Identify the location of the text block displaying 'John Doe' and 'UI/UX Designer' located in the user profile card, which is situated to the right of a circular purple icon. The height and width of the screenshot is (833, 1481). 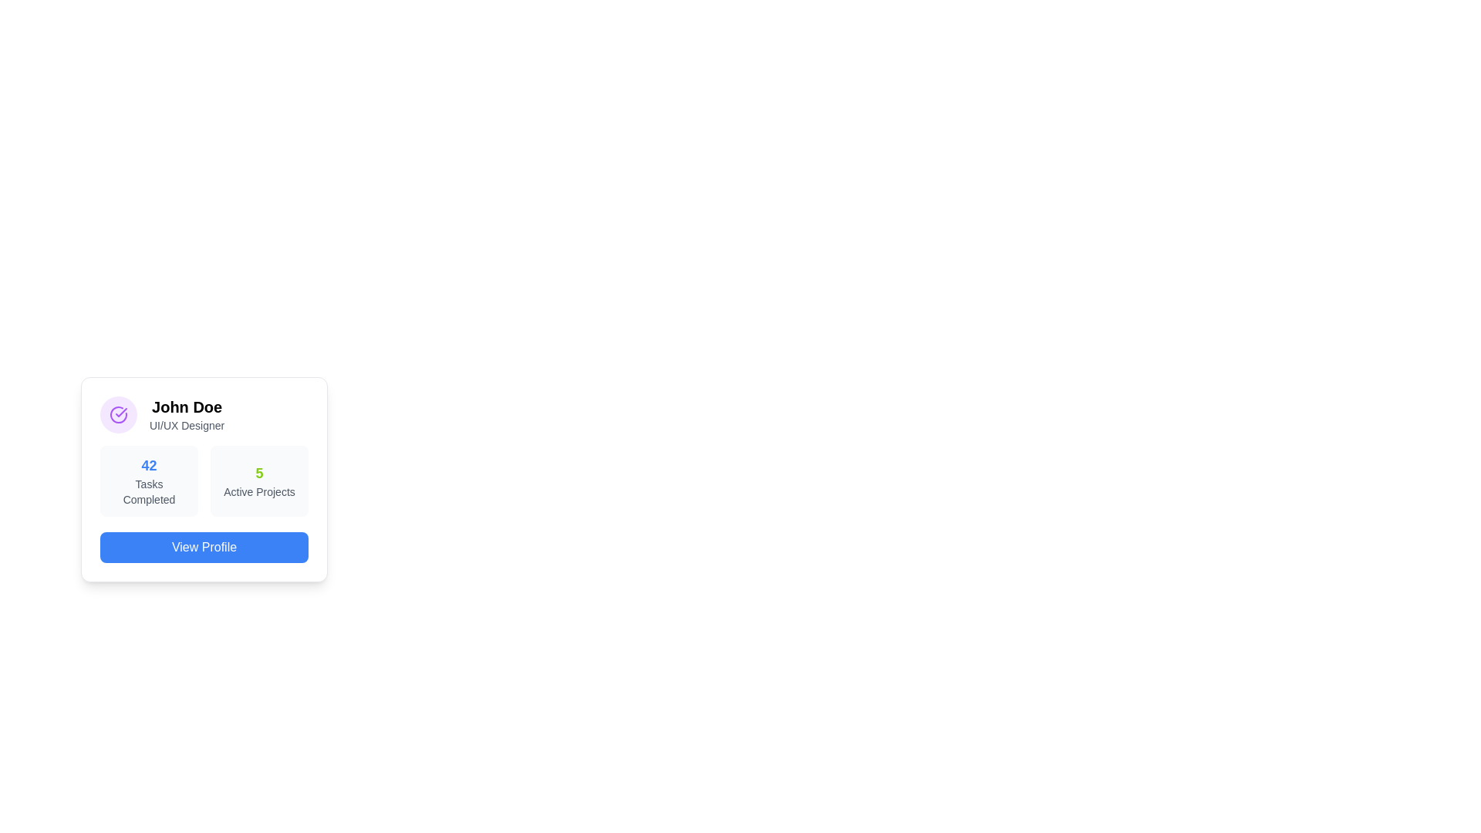
(186, 413).